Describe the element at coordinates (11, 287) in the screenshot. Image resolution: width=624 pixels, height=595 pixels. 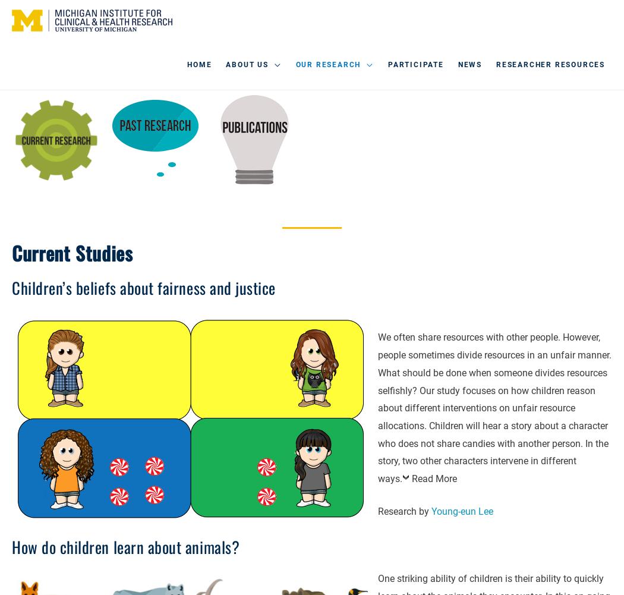
I see `'Children’s beliefs about fairness and justice'` at that location.